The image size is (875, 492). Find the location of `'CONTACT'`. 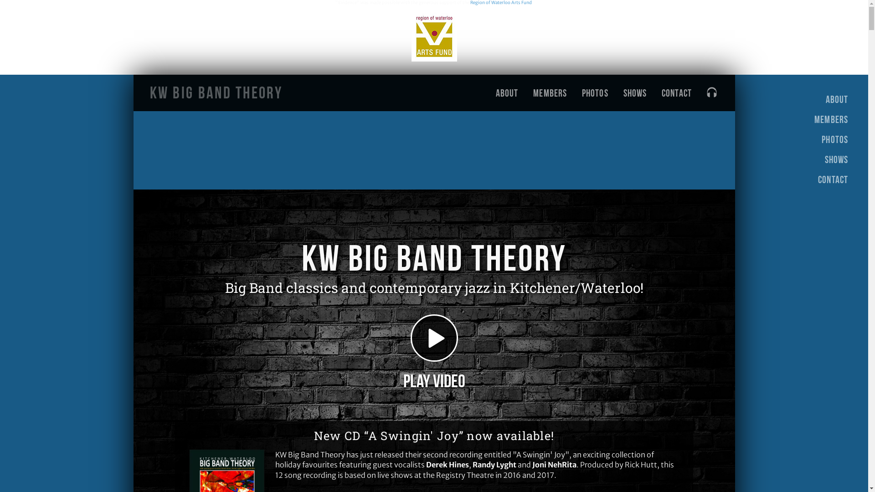

'CONTACT' is located at coordinates (807, 179).